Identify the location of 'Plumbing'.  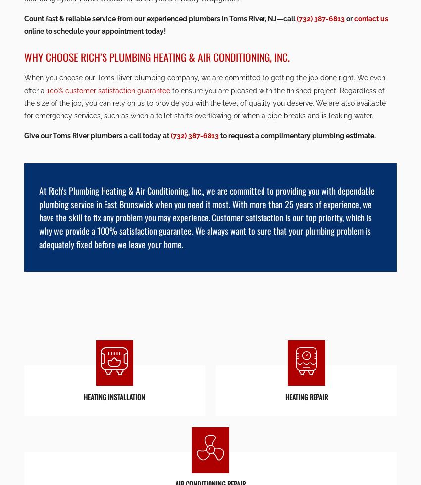
(210, 117).